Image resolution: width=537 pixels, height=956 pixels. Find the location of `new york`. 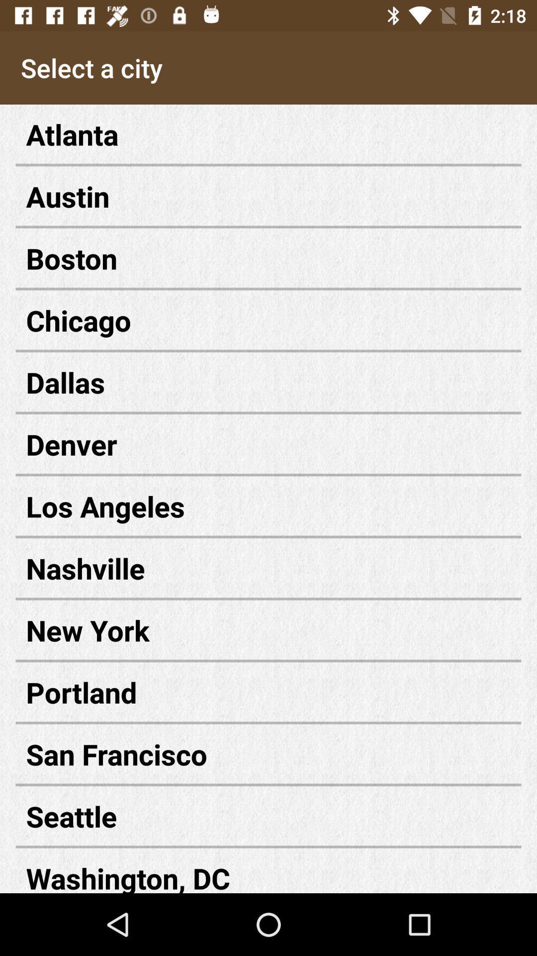

new york is located at coordinates (268, 629).